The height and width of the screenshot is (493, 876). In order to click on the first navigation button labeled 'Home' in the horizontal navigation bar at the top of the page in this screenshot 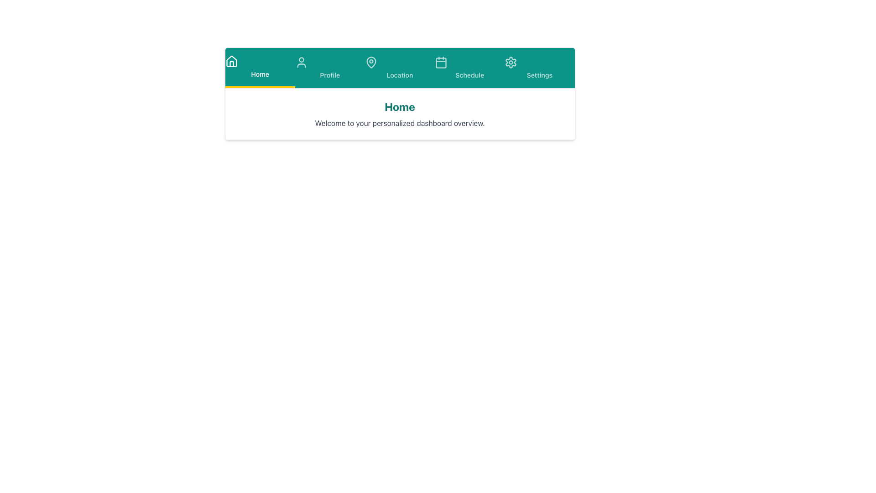, I will do `click(260, 68)`.